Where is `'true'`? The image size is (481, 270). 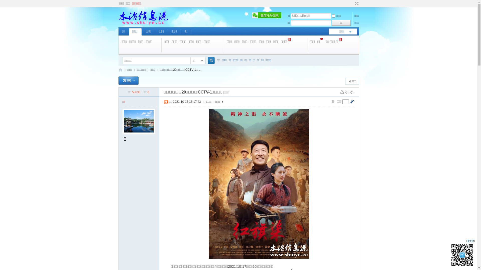 'true' is located at coordinates (209, 60).